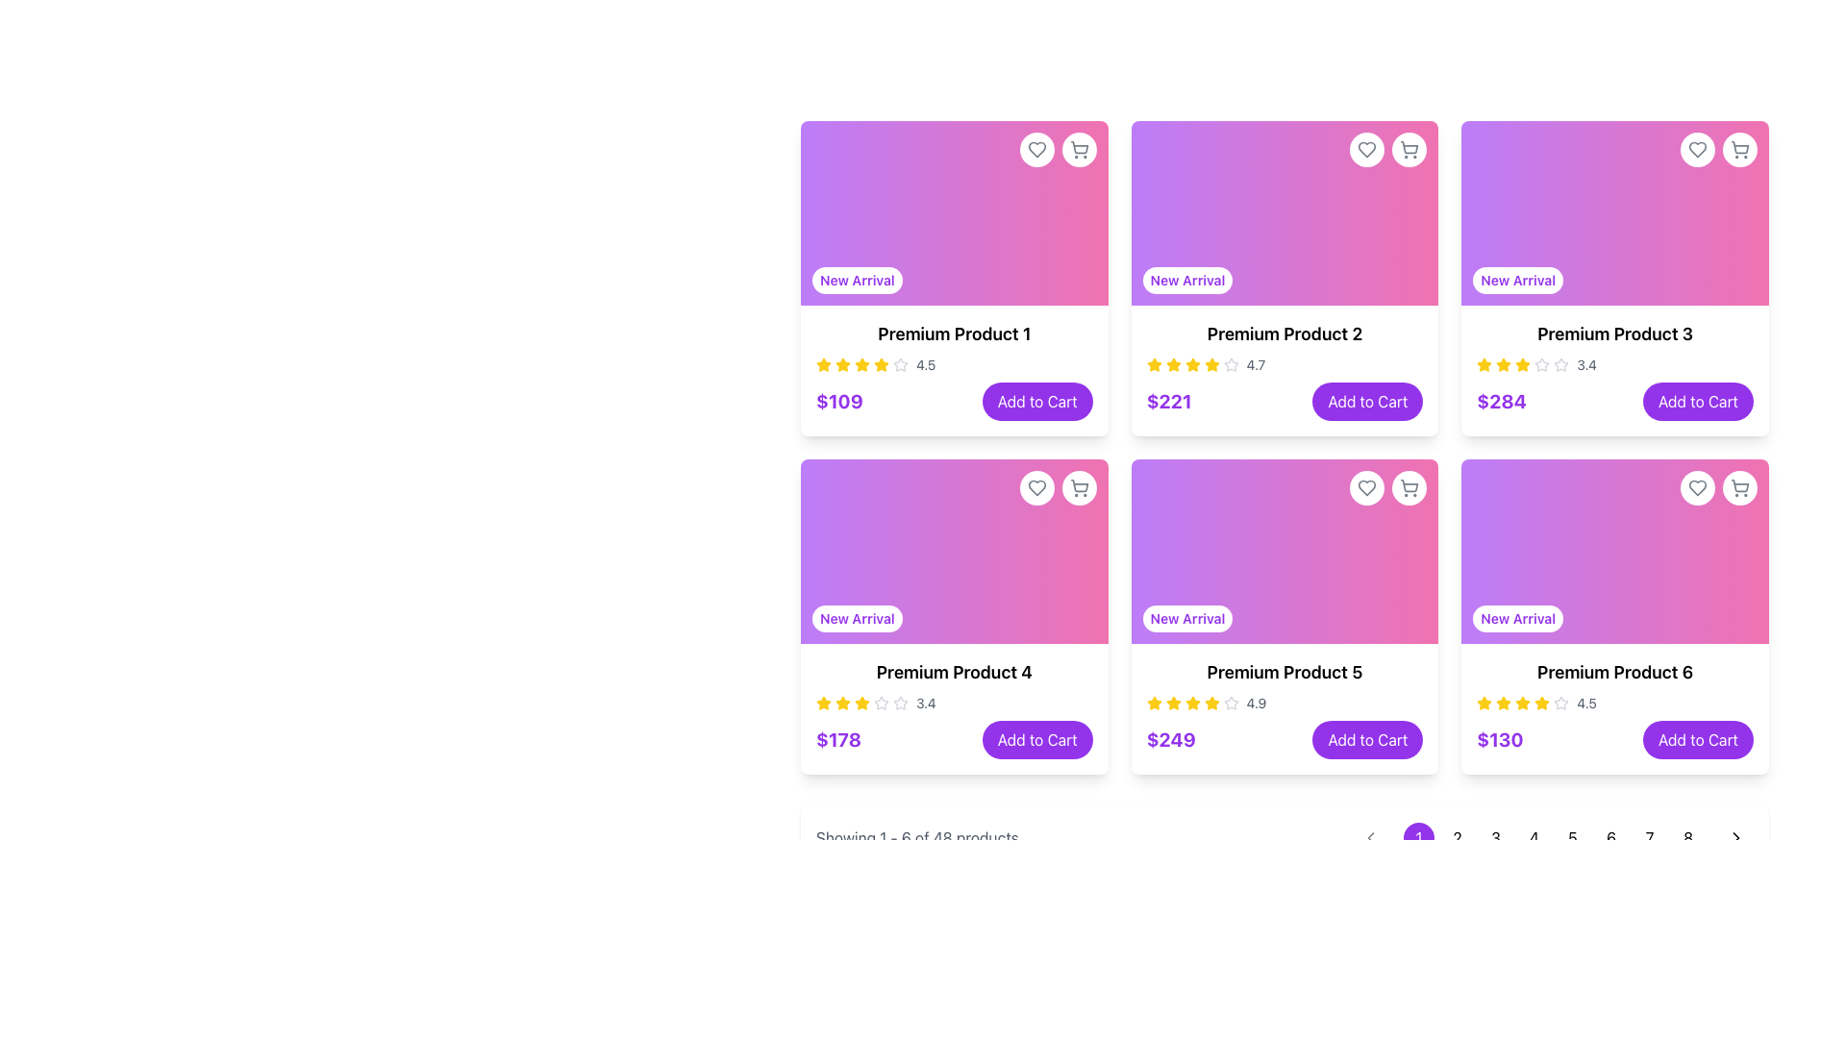  I want to click on the 'Add to Cart' button with a purple background and white text, located in the fifth product card of a 2-row grid layout, so click(1366, 739).